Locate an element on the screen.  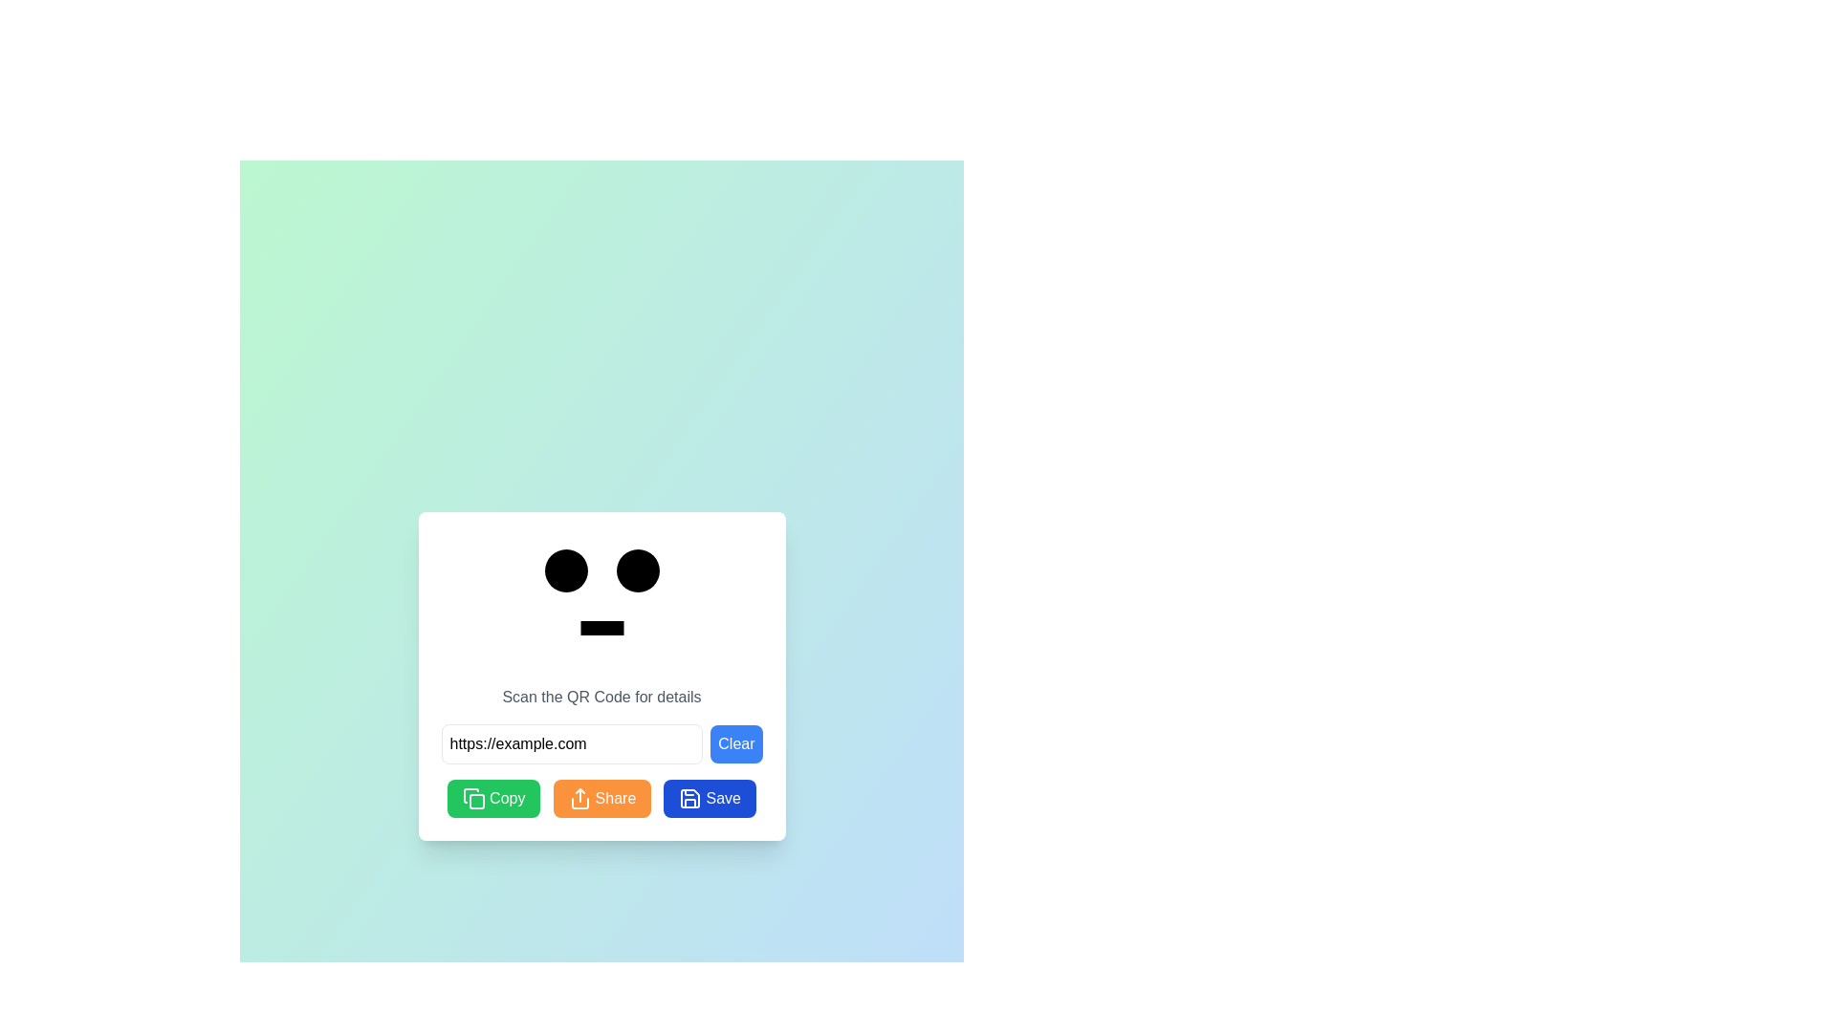
the text input field used for entering or displaying a URL to focus on it is located at coordinates (571, 743).